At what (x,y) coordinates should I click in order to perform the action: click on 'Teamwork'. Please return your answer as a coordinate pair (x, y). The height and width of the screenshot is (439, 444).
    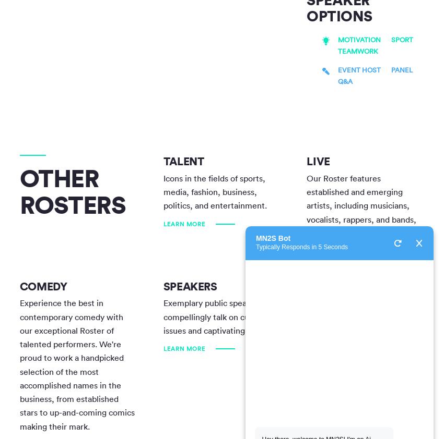
    Looking at the image, I should click on (357, 51).